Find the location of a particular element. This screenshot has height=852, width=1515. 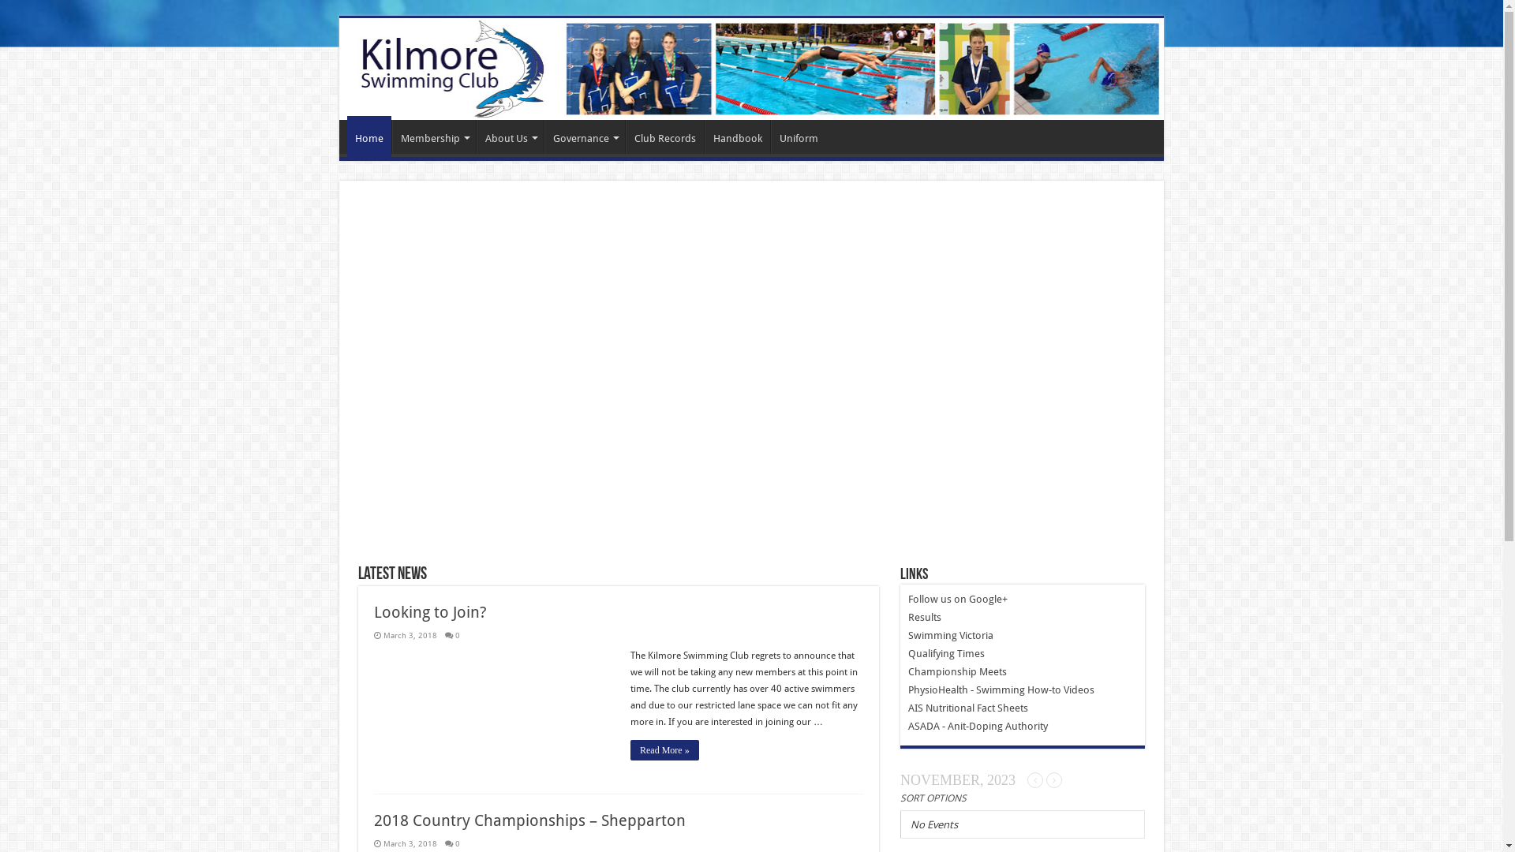

'Swimming Victoria' is located at coordinates (949, 634).